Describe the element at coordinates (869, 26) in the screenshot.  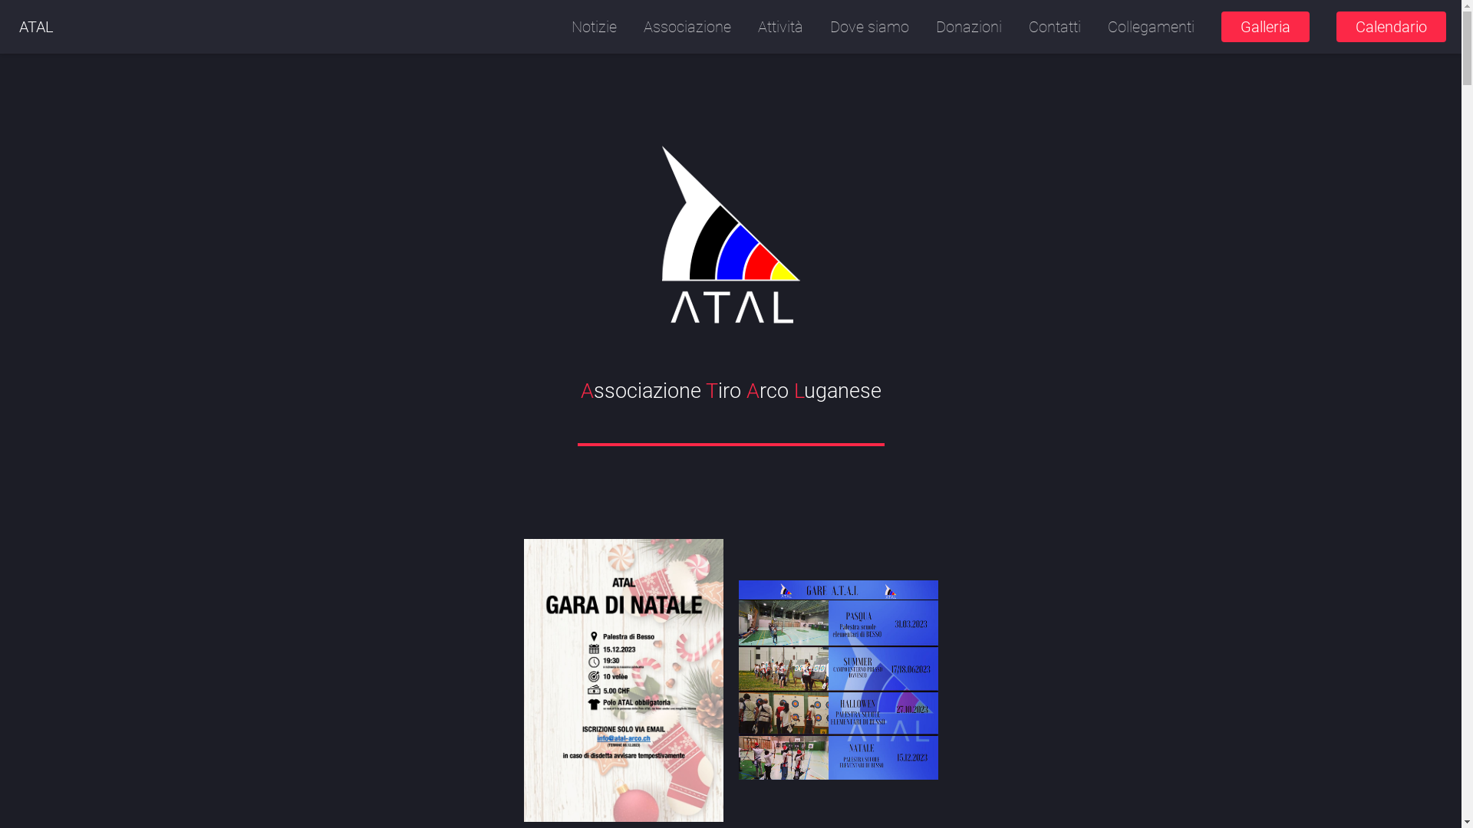
I see `'Dove siamo'` at that location.